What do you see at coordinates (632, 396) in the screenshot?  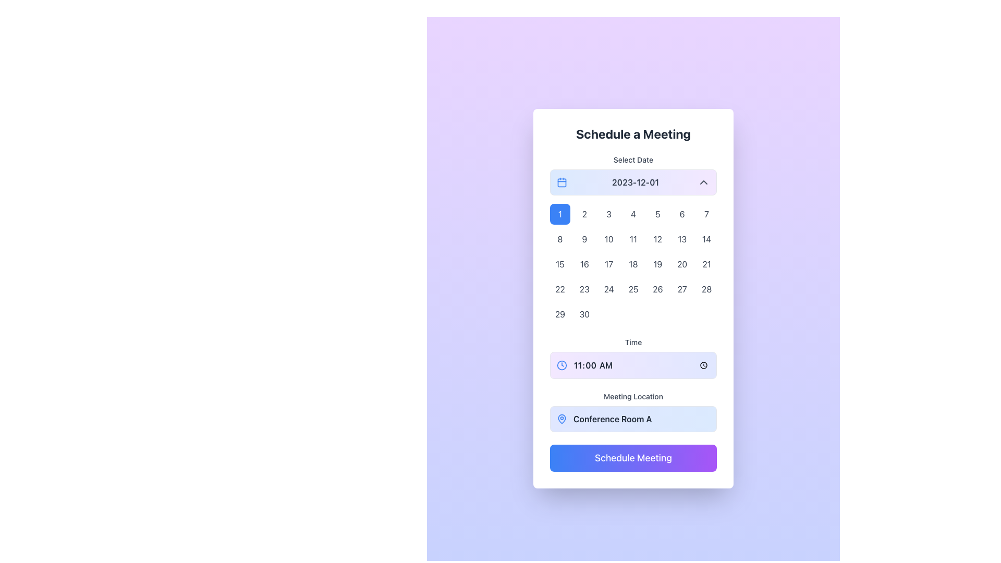 I see `the Label indicating the meeting location, which is positioned above the adjacent input field with a gradient background` at bounding box center [632, 396].